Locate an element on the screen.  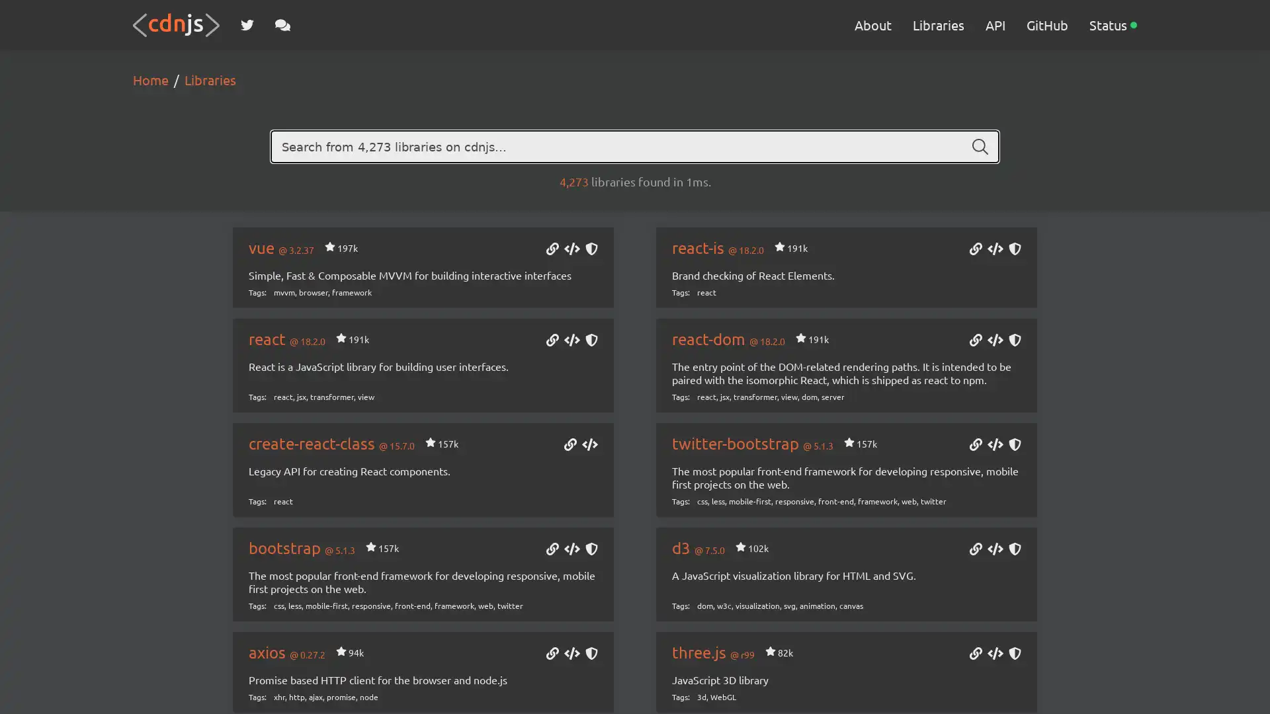
Copy URL is located at coordinates (975, 654).